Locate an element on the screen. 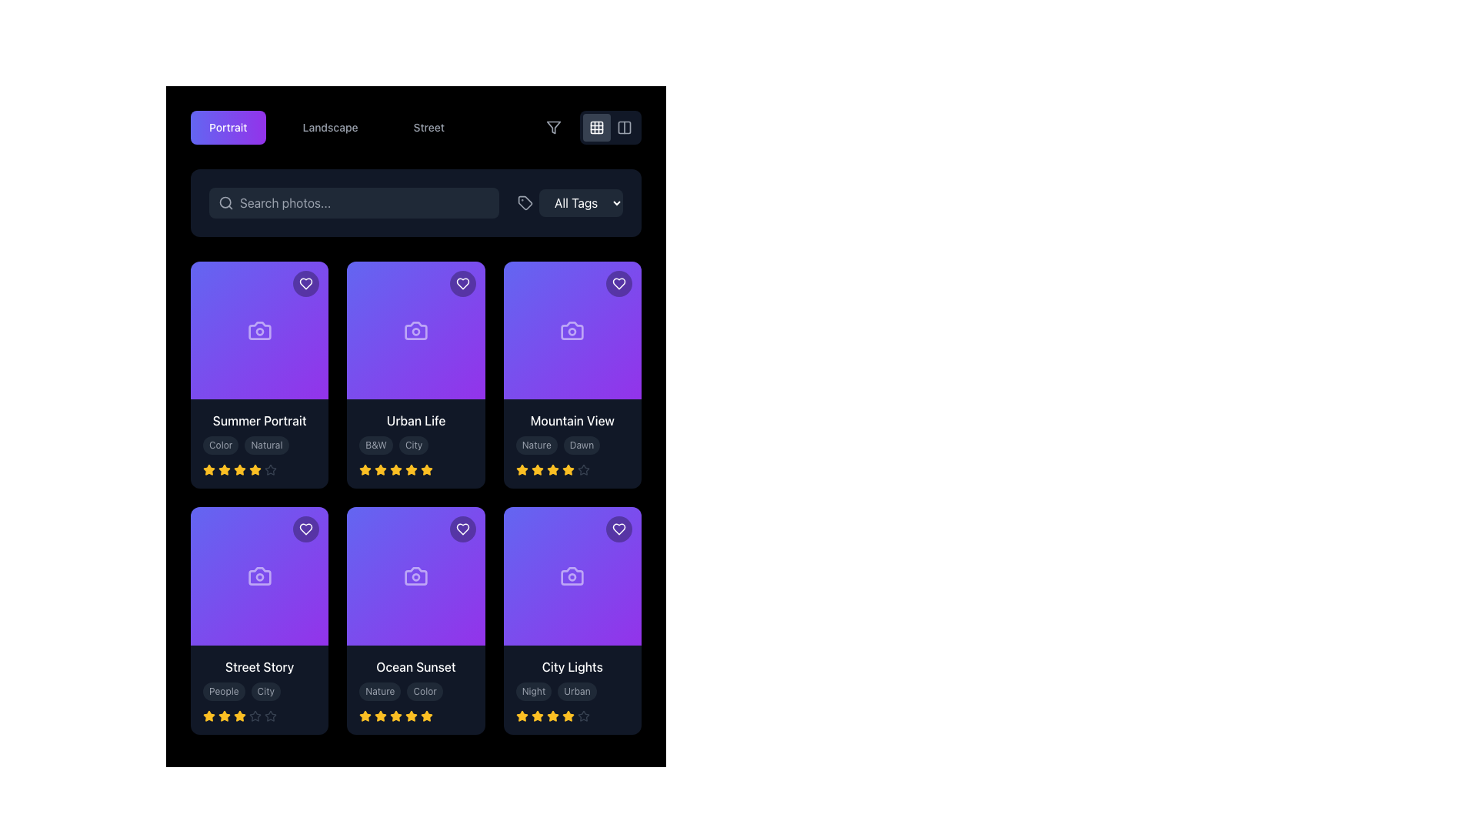 The image size is (1477, 831). the tag labeled 'Dawn' located in the card labeled 'Mountain View' in the third column of the first row, which is the second tag next to 'Nature' is located at coordinates (581, 446).